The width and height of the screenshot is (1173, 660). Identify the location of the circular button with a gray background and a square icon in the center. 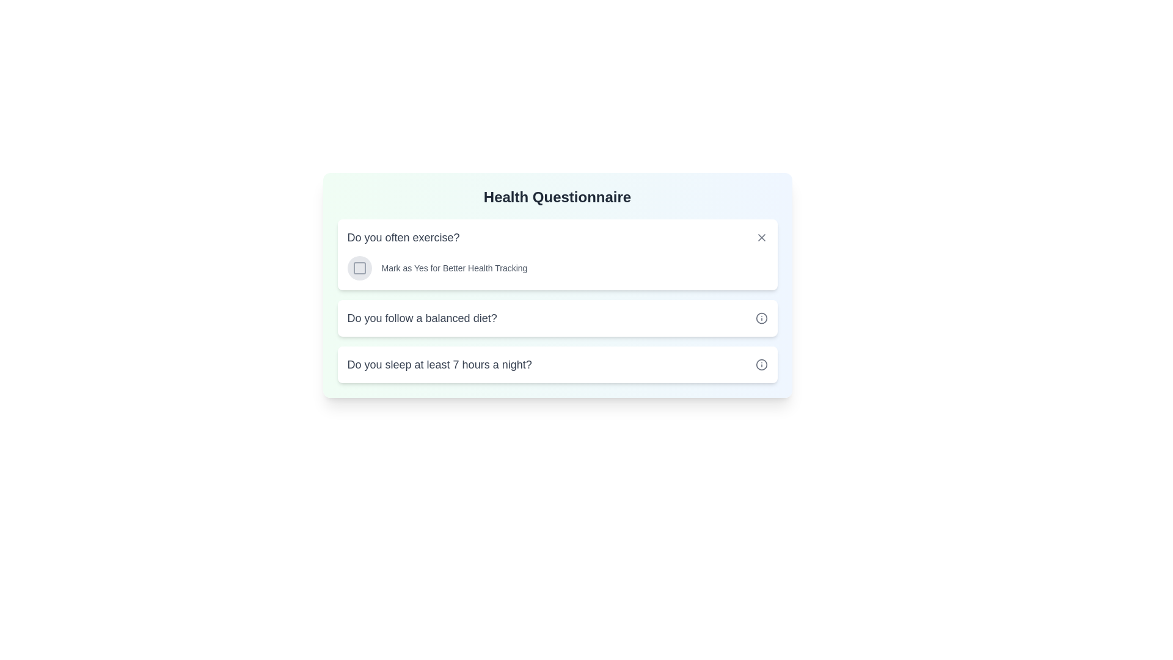
(359, 268).